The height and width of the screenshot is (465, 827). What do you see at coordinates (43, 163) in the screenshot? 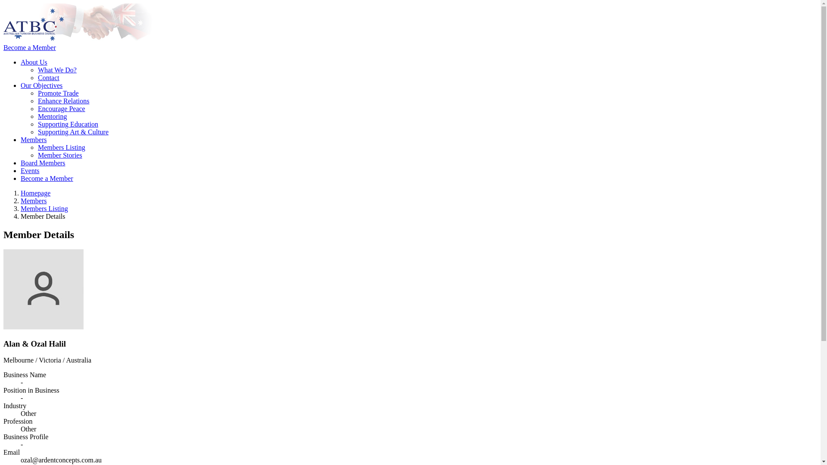
I see `'Board Members'` at bounding box center [43, 163].